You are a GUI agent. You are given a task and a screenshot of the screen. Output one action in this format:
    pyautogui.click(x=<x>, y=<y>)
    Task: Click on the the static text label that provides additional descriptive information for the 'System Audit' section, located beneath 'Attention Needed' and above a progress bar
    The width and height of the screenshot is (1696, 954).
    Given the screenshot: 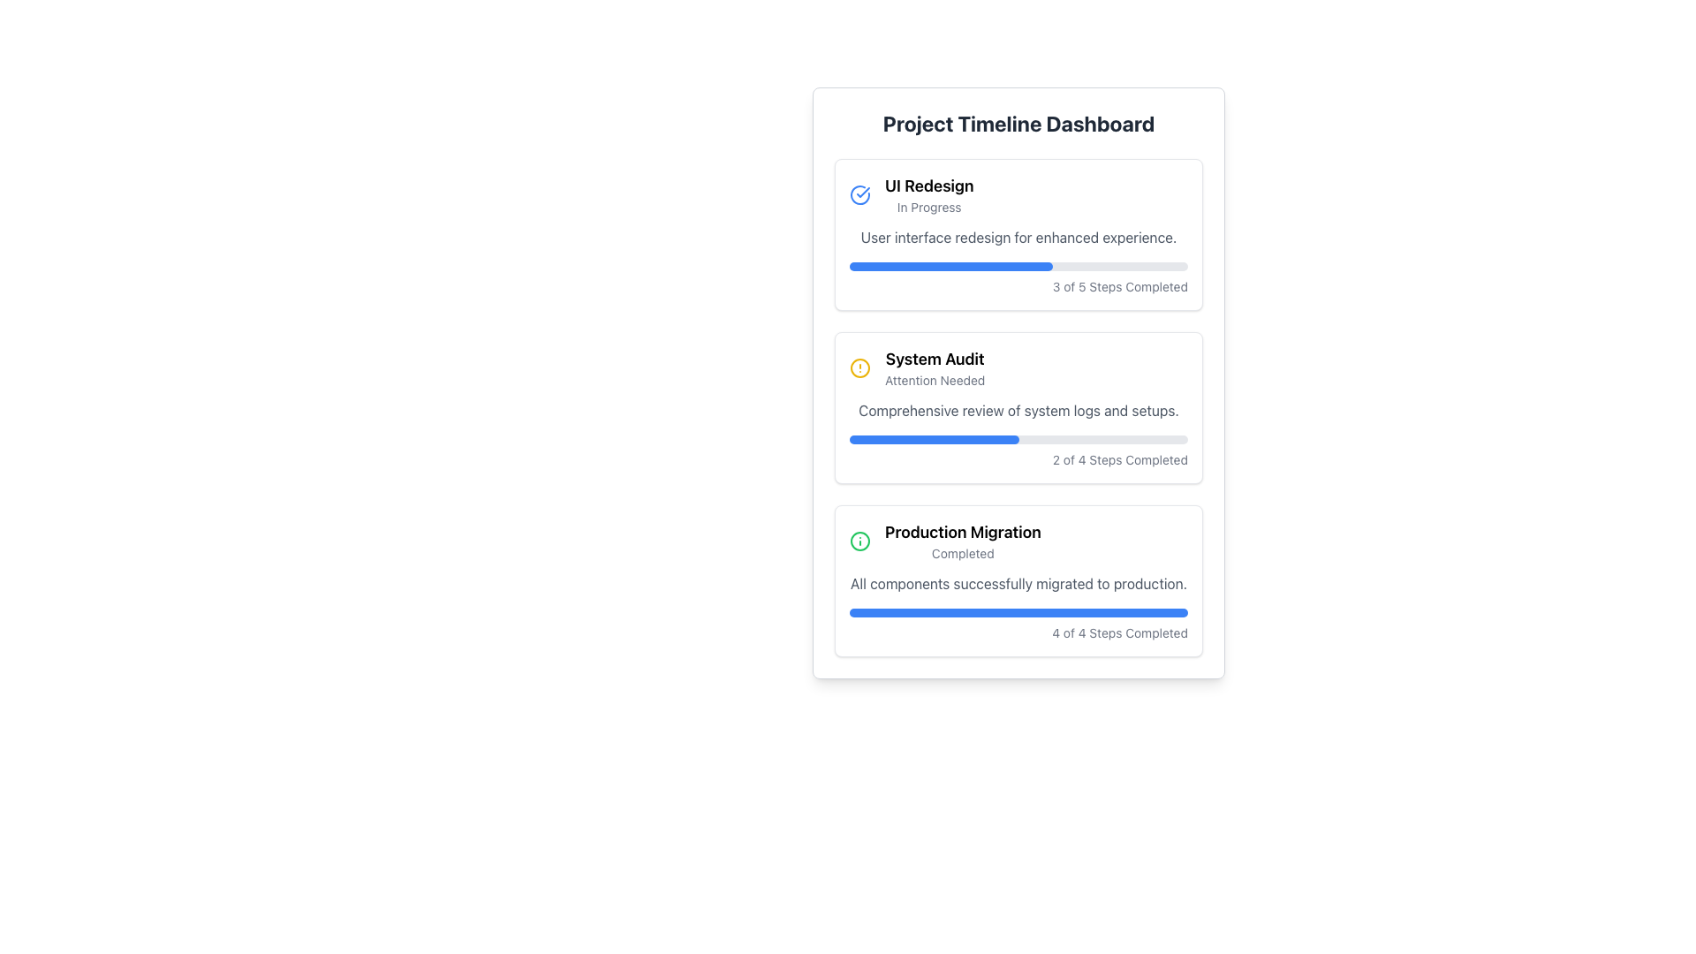 What is the action you would take?
    pyautogui.click(x=1018, y=411)
    